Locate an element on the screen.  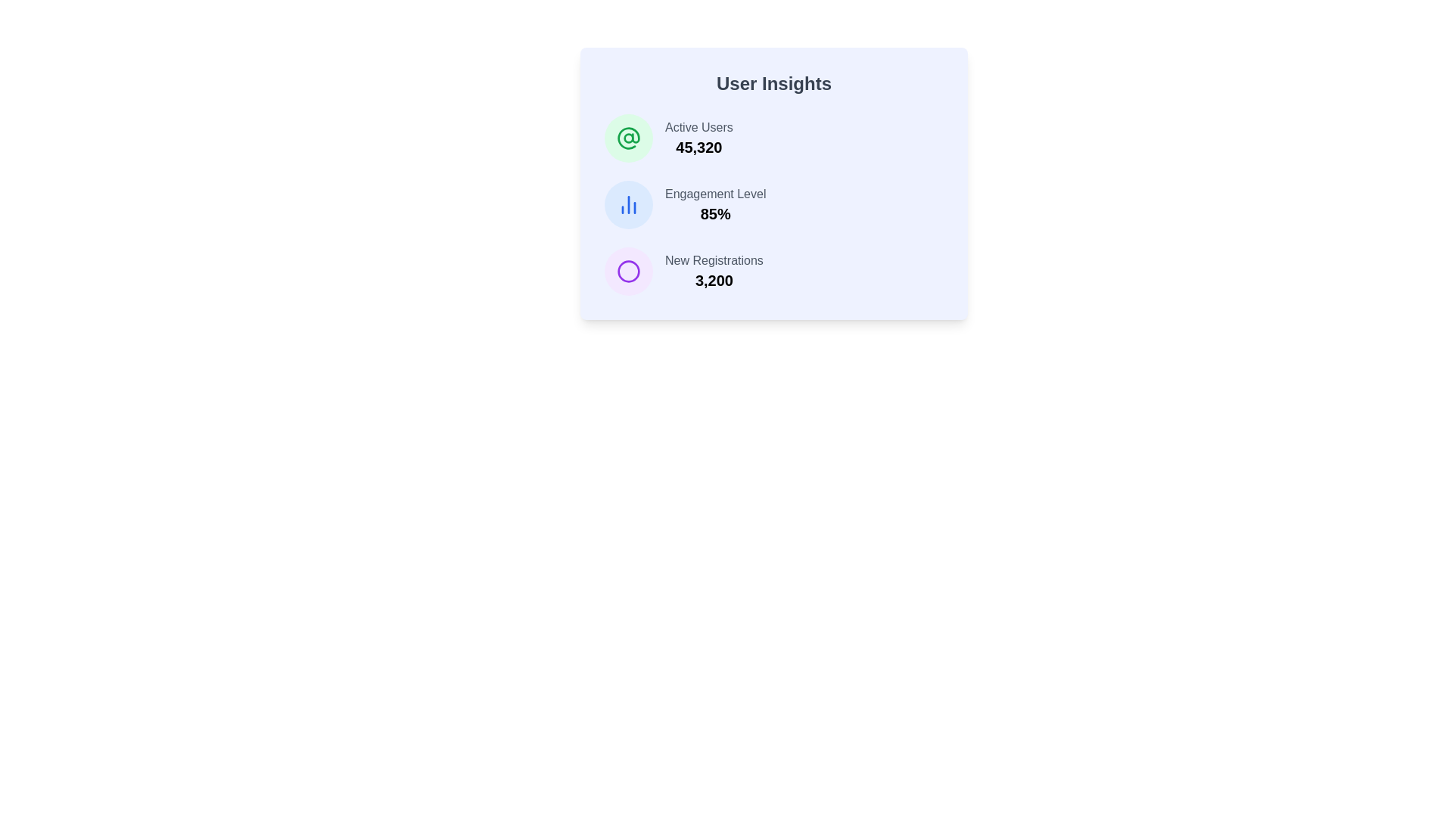
'Active Users' label, which is a gray text located above the numeric value '45,320' in the user insights card is located at coordinates (698, 127).